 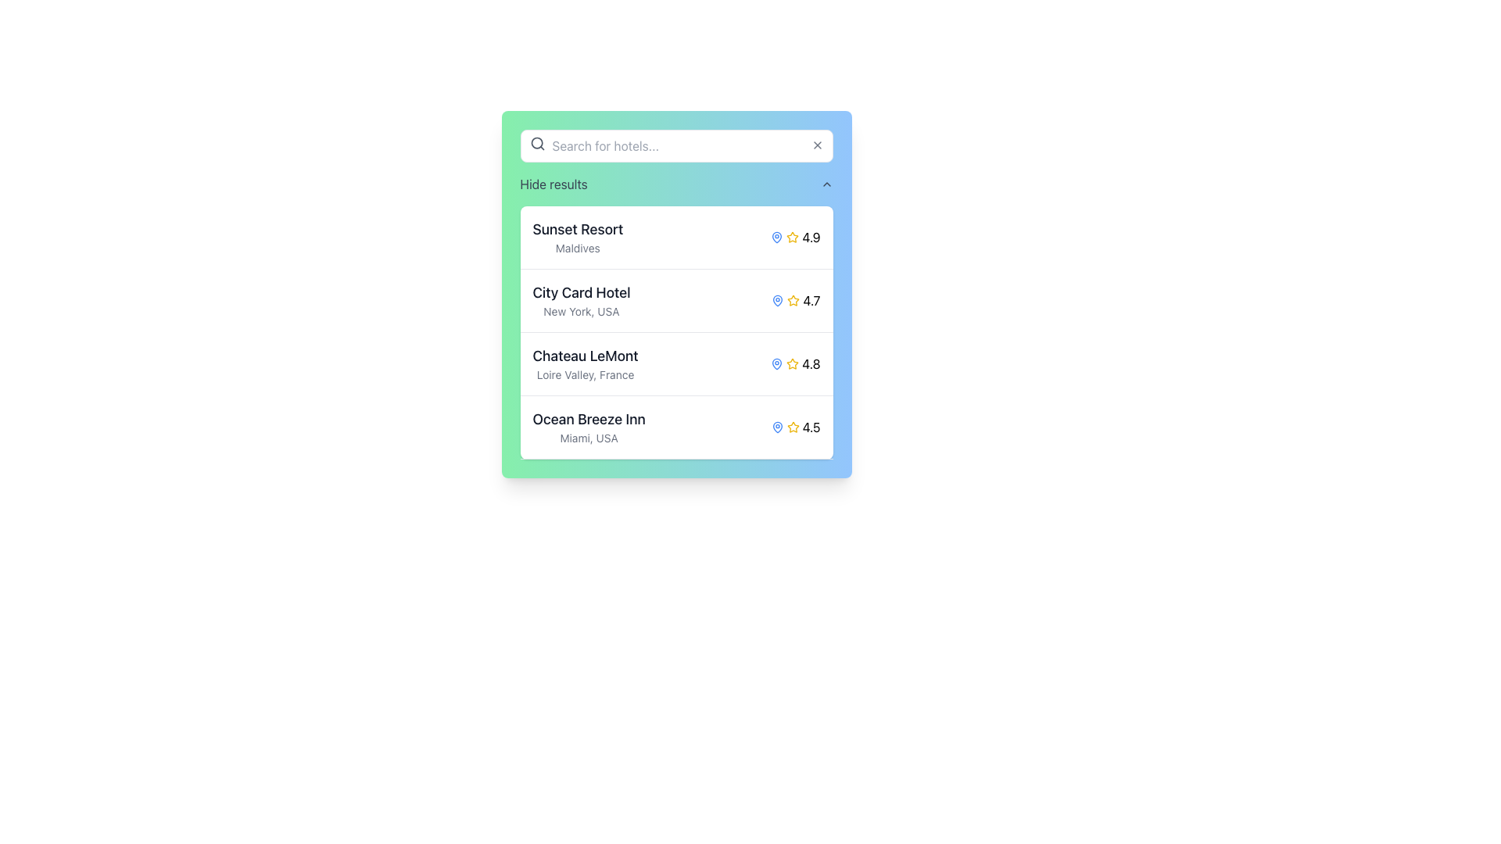 I want to click on the static text displaying '4.8' associated with the 'Chateau LeMont' entry in the hotel list, so click(x=811, y=364).